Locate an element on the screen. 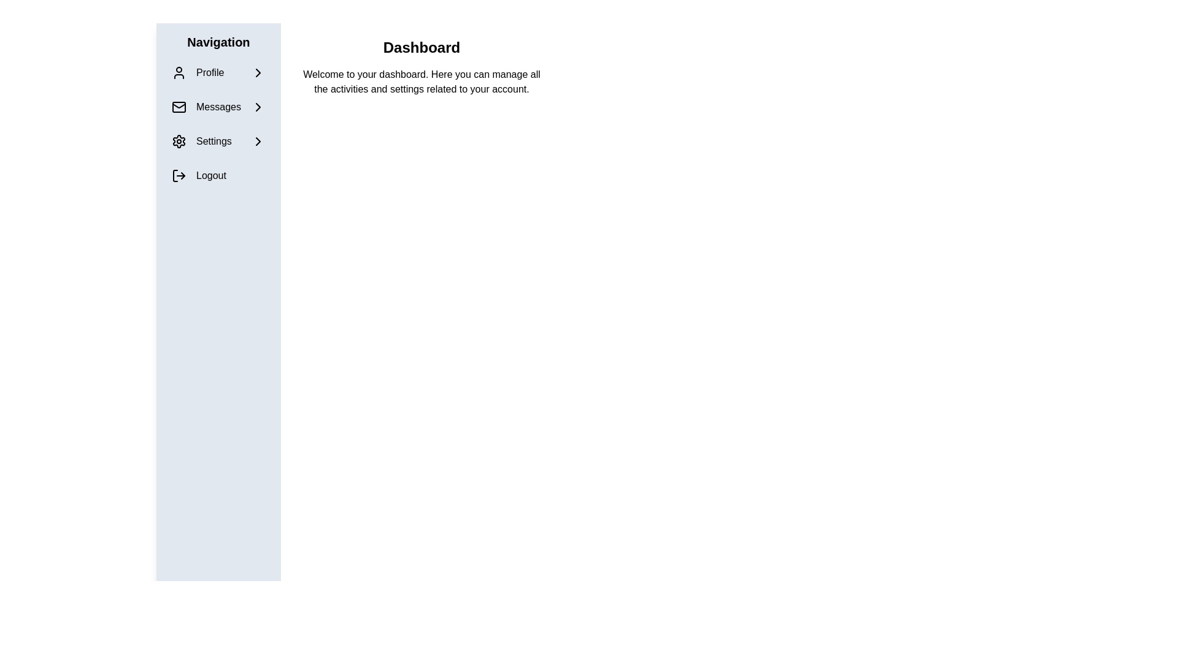  the logout icon, which is a right-arrow styled within a squared bracket, located beside the 'Logout' text in the navigation sidebar is located at coordinates (179, 175).